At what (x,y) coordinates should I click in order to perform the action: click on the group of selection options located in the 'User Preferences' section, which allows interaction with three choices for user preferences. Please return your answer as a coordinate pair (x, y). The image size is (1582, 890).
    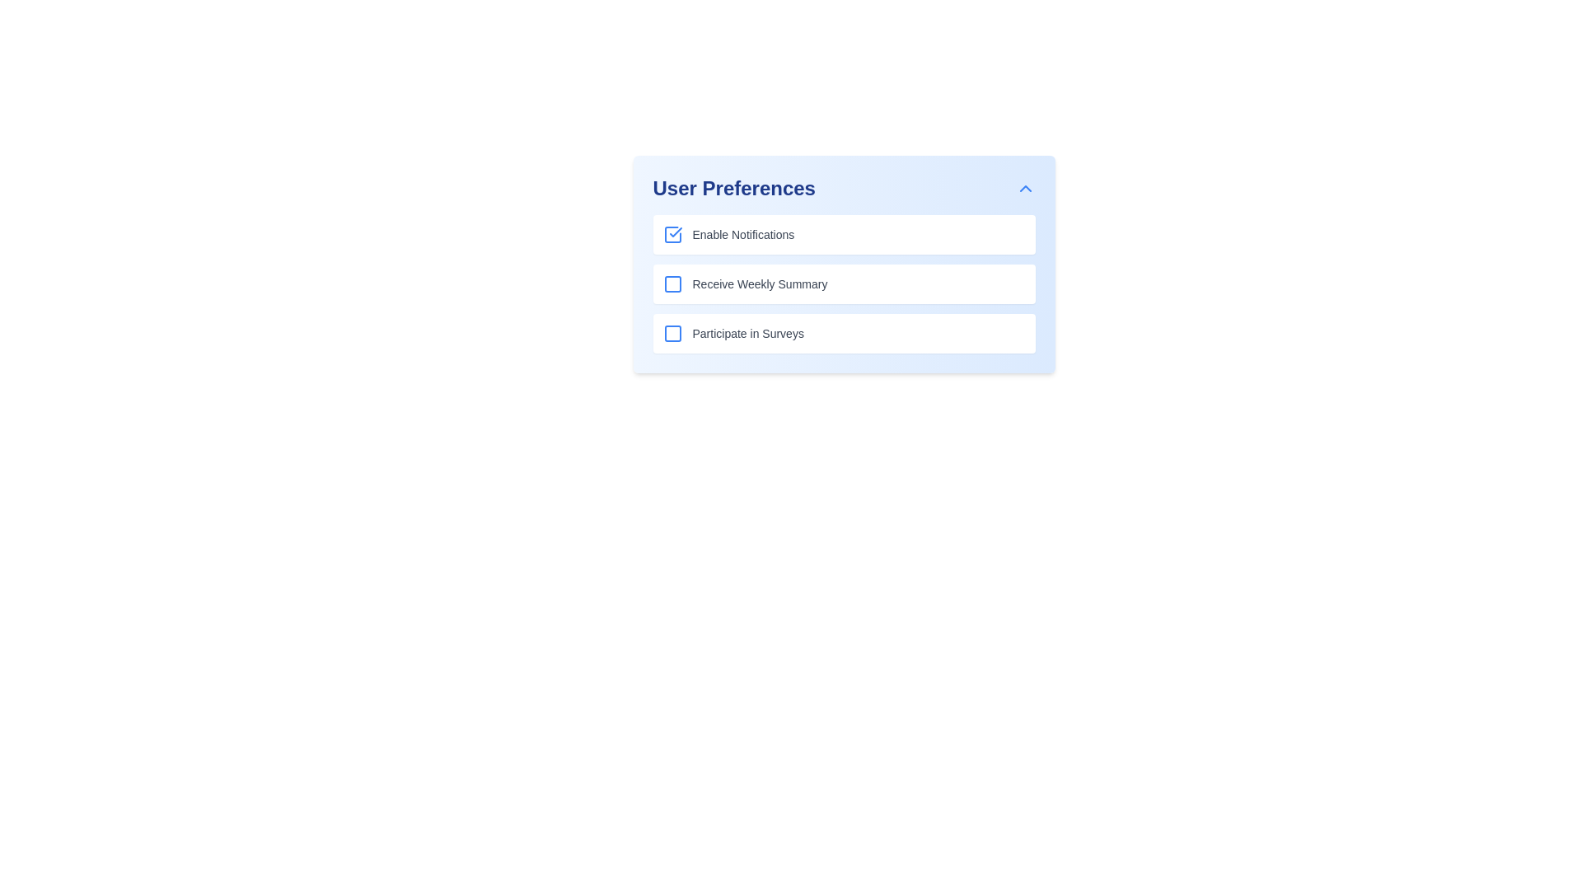
    Looking at the image, I should click on (844, 283).